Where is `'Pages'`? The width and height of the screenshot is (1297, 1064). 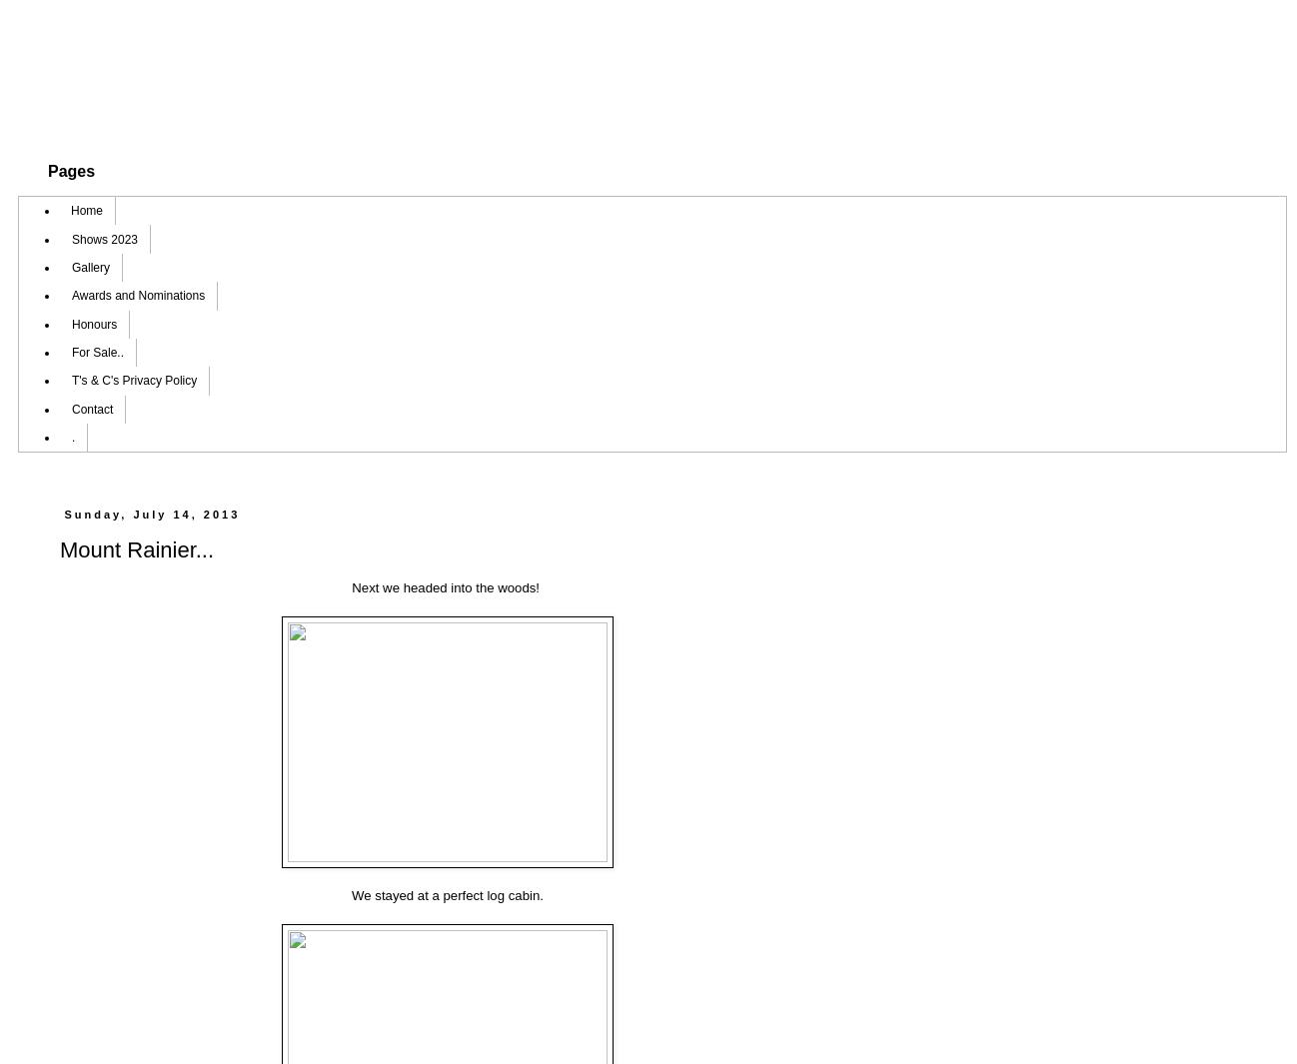 'Pages' is located at coordinates (71, 170).